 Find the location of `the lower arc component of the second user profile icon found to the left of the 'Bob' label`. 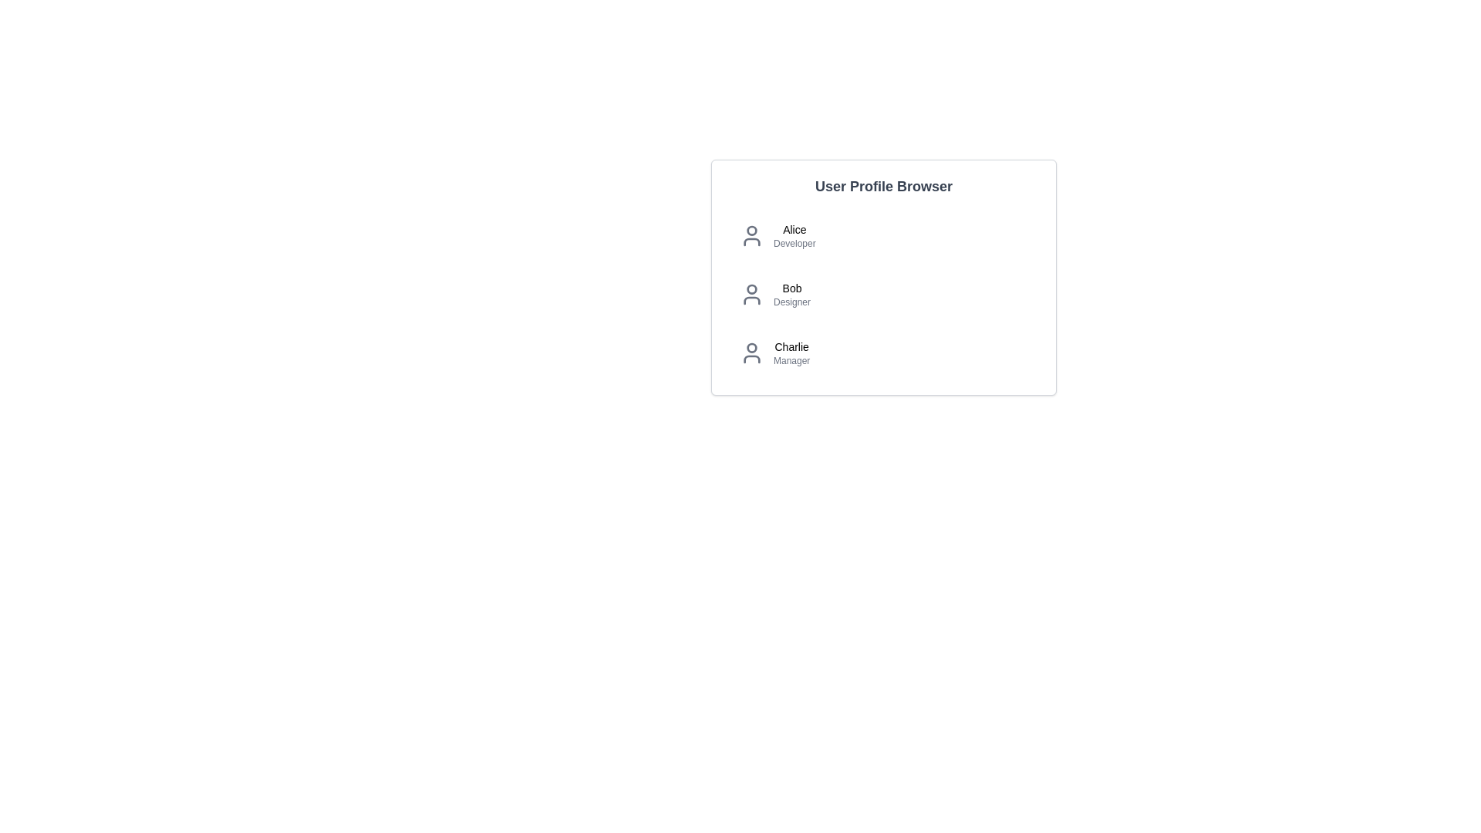

the lower arc component of the second user profile icon found to the left of the 'Bob' label is located at coordinates (751, 300).